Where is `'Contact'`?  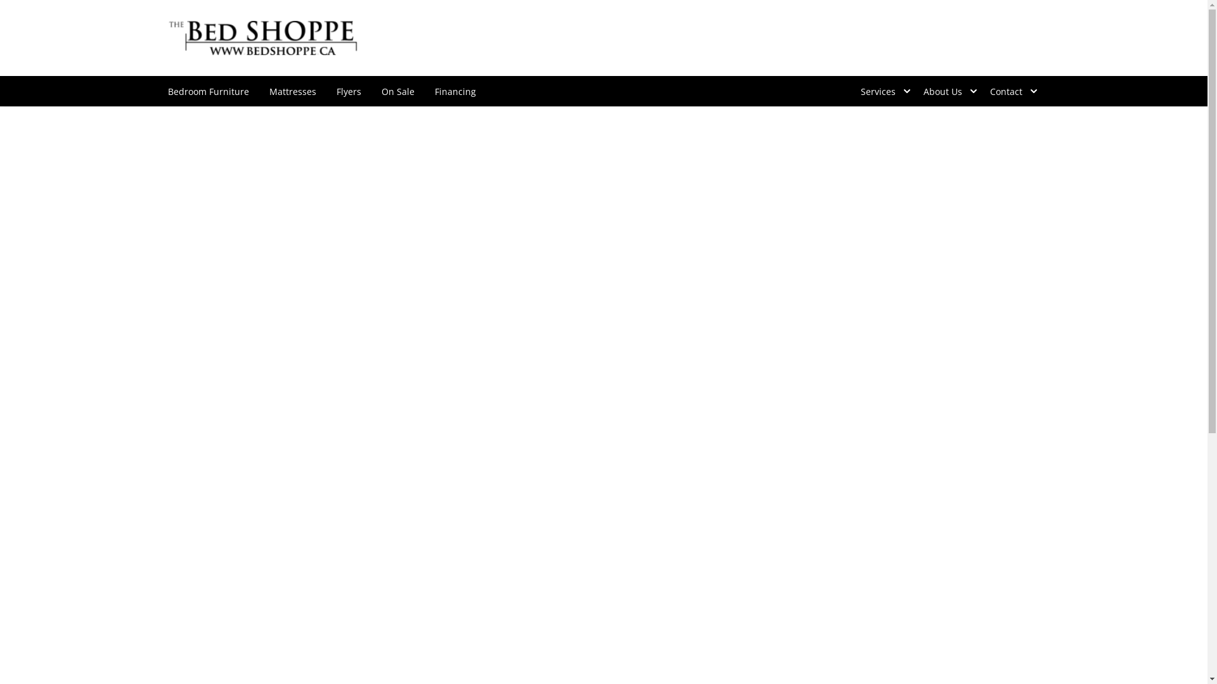
'Contact' is located at coordinates (979, 90).